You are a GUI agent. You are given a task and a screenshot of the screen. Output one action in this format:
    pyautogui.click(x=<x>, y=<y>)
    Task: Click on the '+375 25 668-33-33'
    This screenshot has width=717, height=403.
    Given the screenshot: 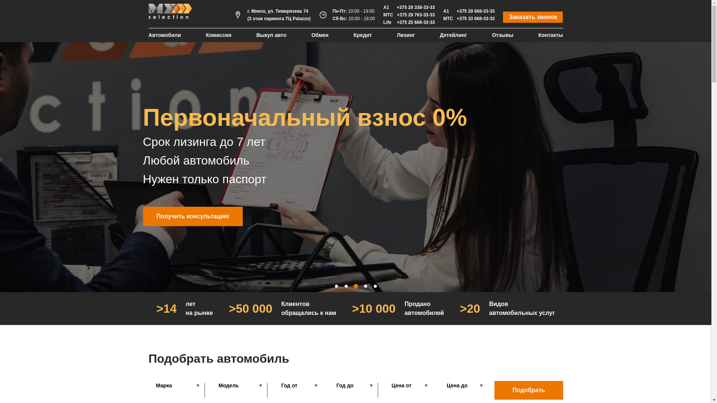 What is the action you would take?
    pyautogui.click(x=415, y=22)
    